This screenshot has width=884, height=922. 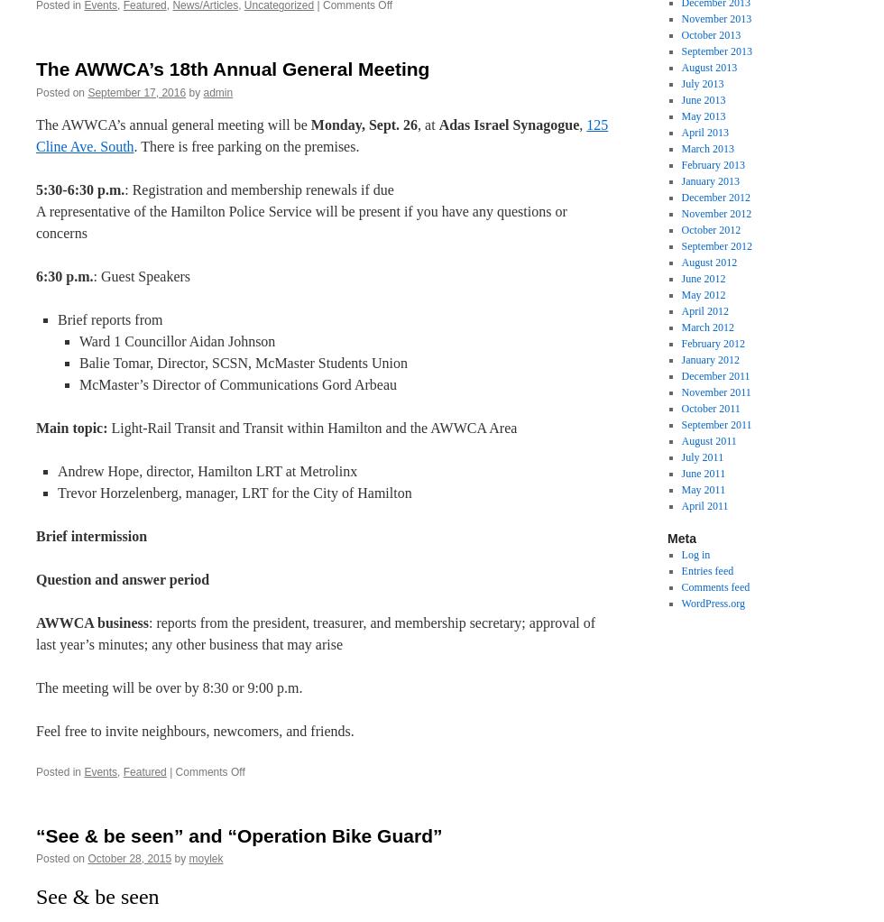 What do you see at coordinates (695, 554) in the screenshot?
I see `'Log in'` at bounding box center [695, 554].